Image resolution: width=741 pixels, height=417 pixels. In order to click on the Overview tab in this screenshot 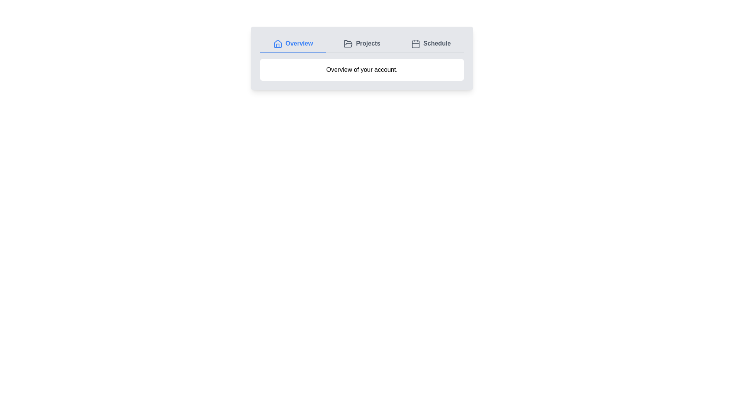, I will do `click(293, 44)`.